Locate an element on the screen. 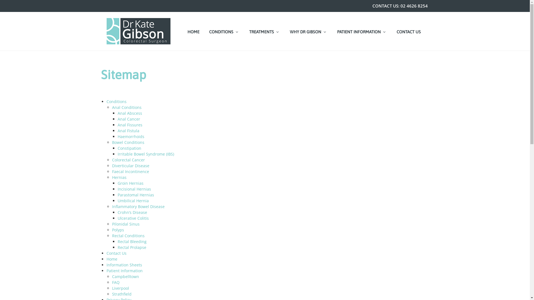  'Anal Fissures' is located at coordinates (129, 124).